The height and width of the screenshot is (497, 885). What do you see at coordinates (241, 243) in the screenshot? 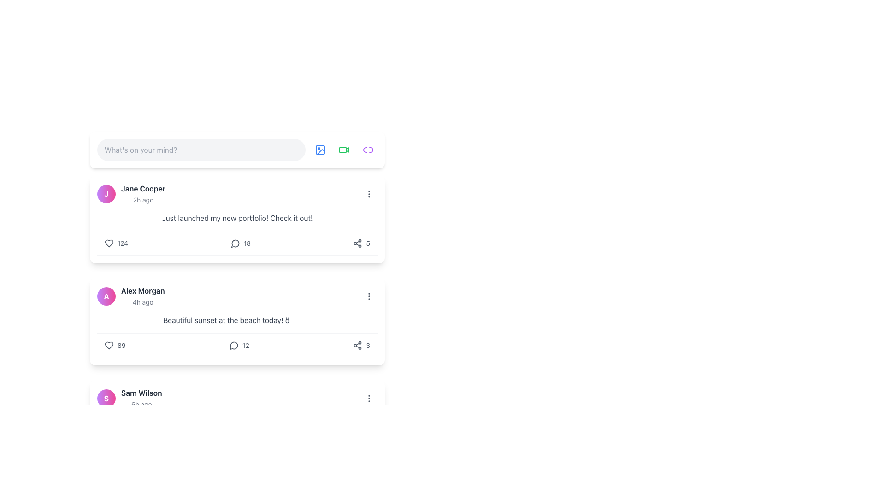
I see `the interactive comment count element located beneath the post by 'Jane Cooper'` at bounding box center [241, 243].